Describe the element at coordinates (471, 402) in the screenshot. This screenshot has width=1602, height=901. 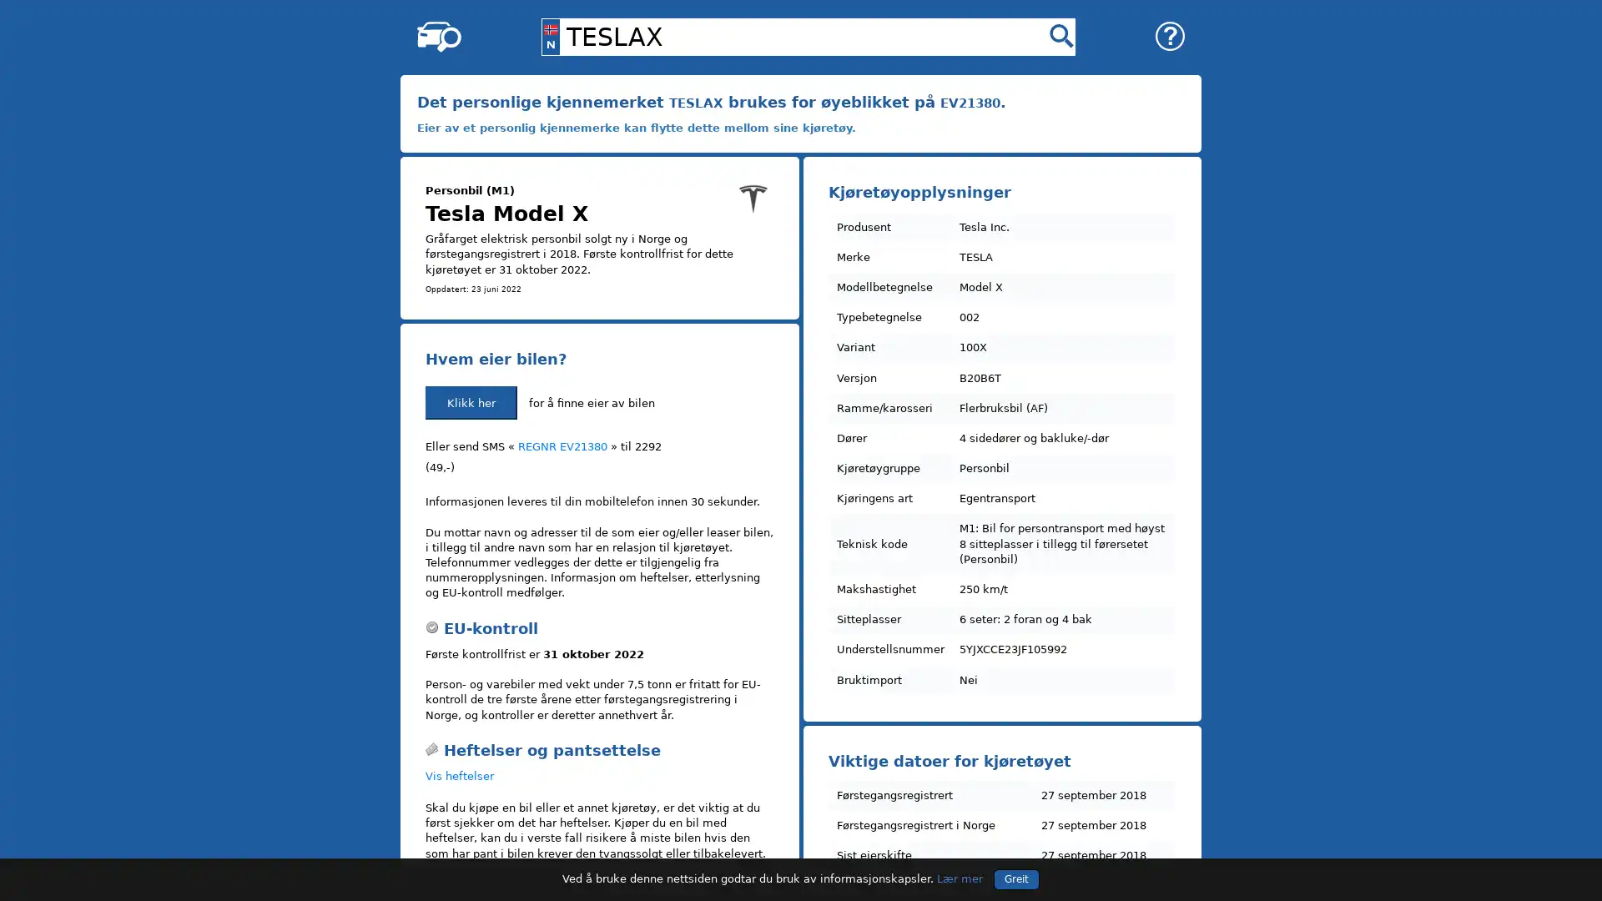
I see `Klikk her` at that location.